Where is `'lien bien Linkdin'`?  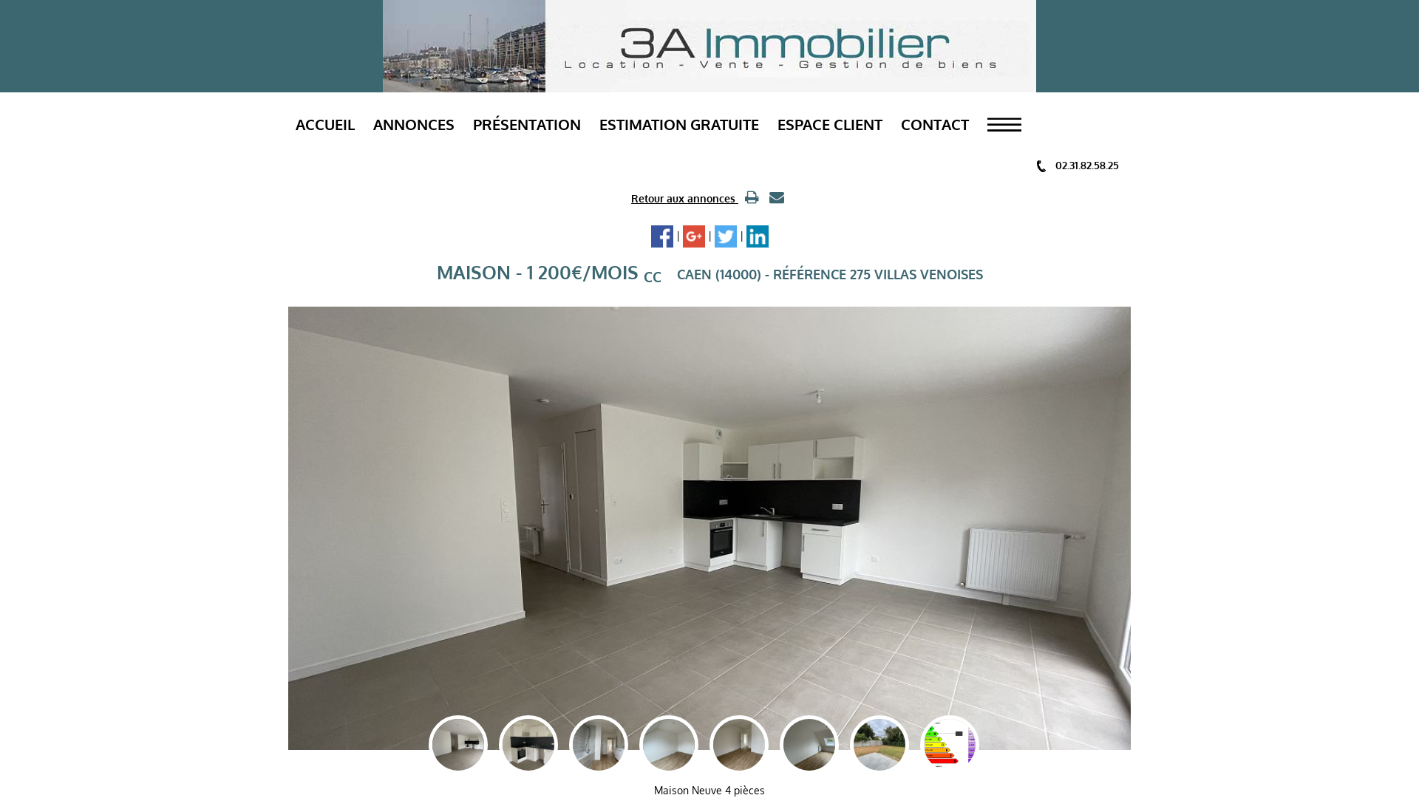
'lien bien Linkdin' is located at coordinates (758, 236).